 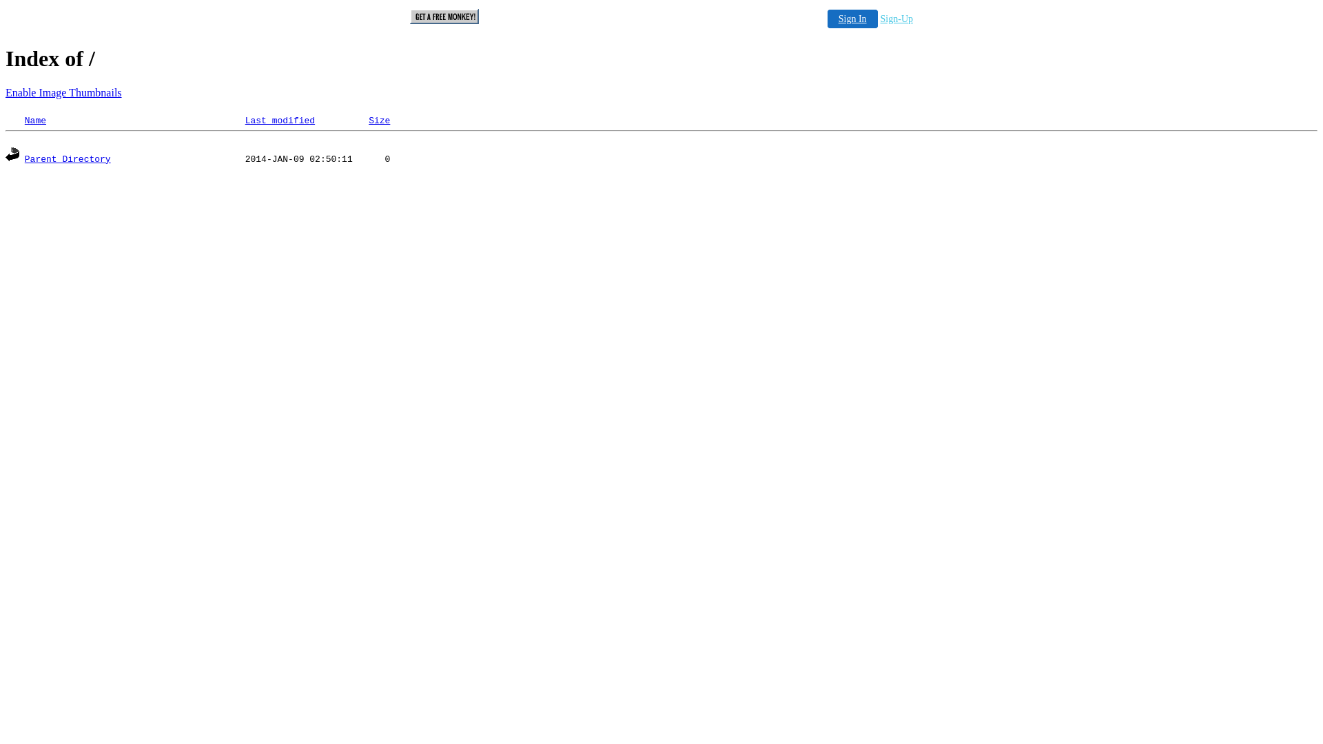 I want to click on 'Parent Directory', so click(x=67, y=158).